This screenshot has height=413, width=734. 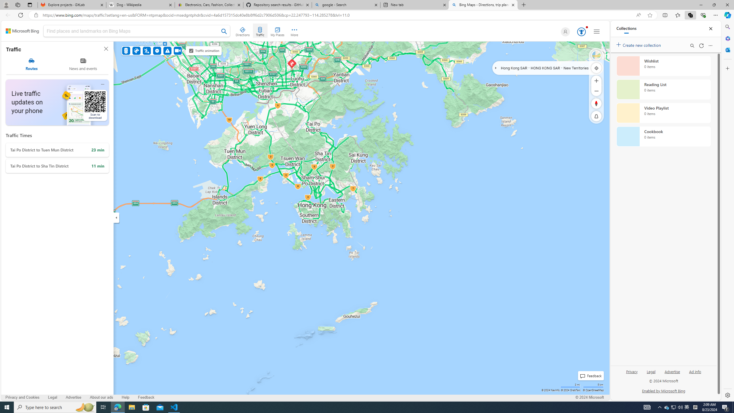 What do you see at coordinates (126, 397) in the screenshot?
I see `'Help'` at bounding box center [126, 397].